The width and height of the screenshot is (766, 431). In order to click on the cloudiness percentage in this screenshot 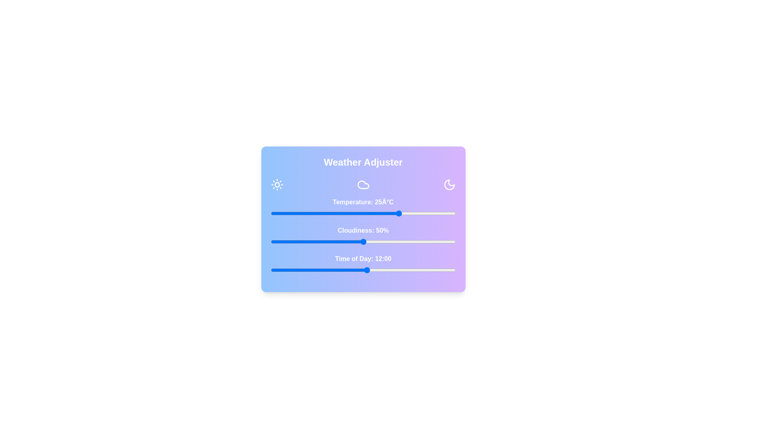, I will do `click(361, 241)`.